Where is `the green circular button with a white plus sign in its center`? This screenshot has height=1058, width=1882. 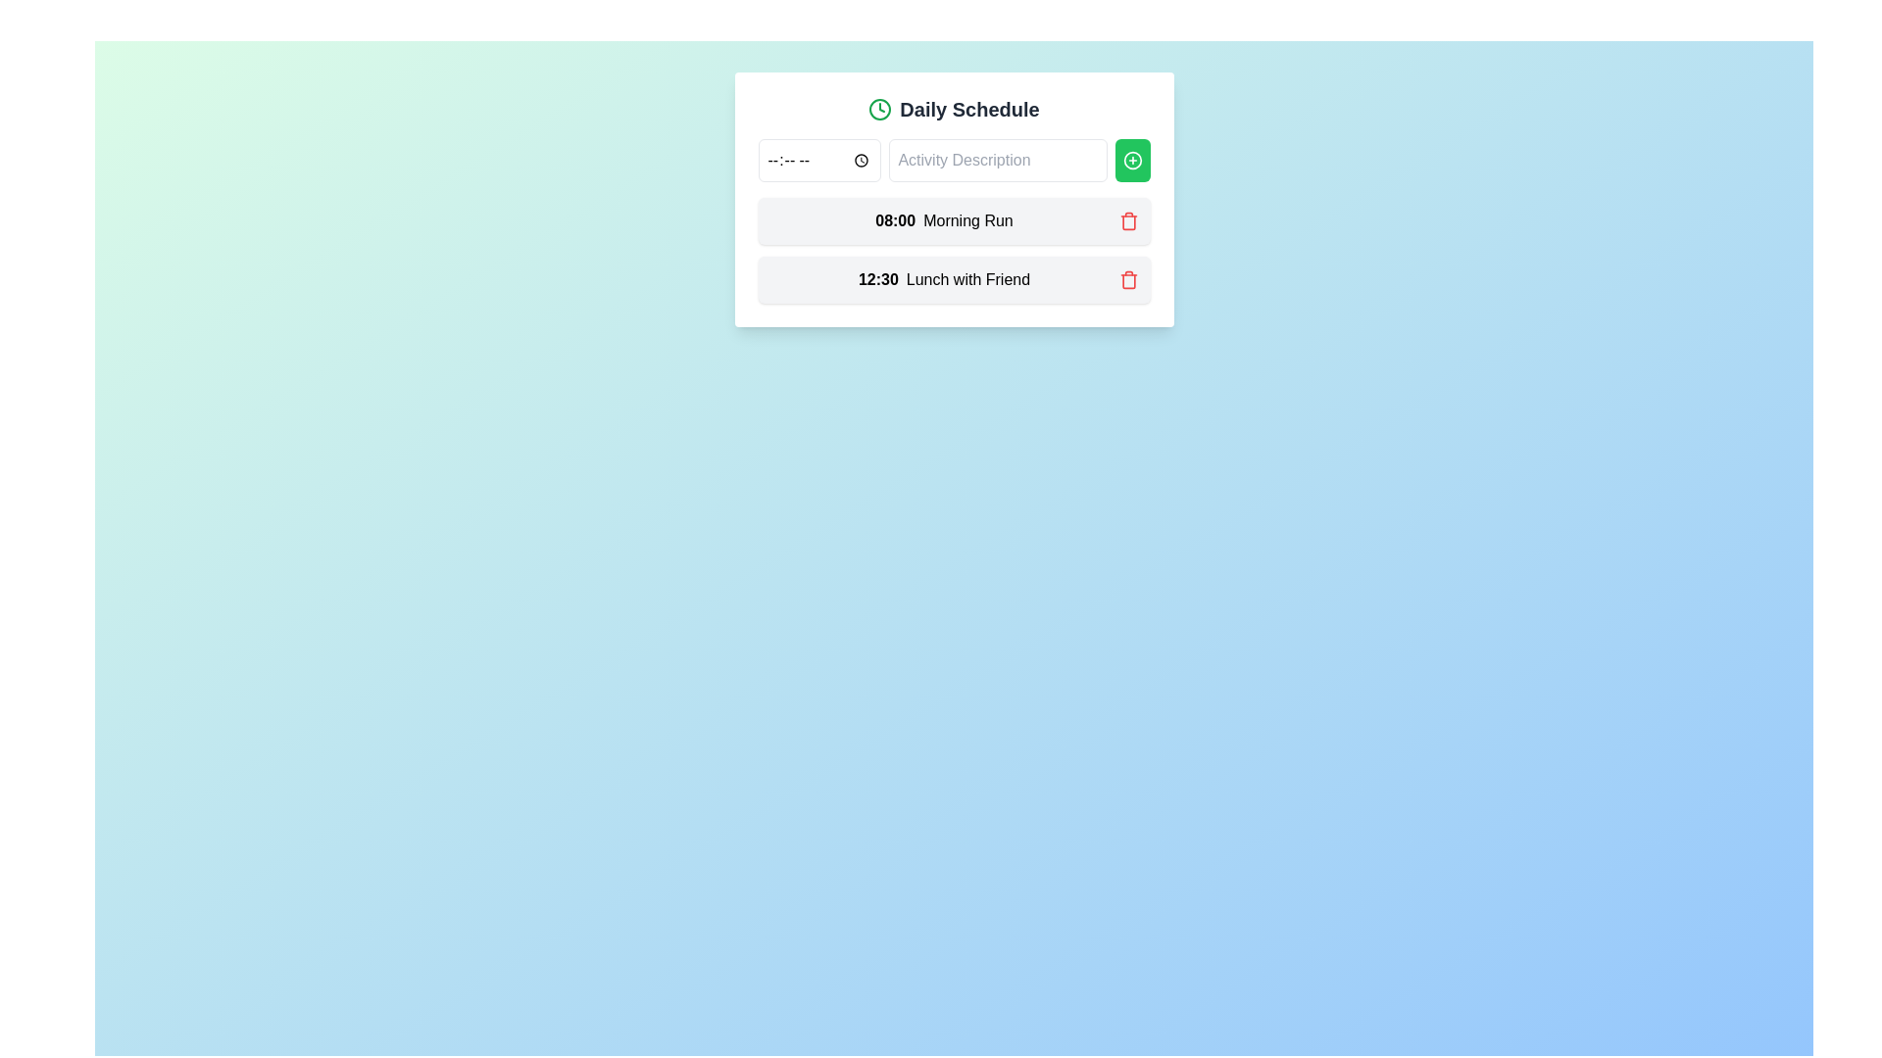 the green circular button with a white plus sign in its center is located at coordinates (1132, 160).